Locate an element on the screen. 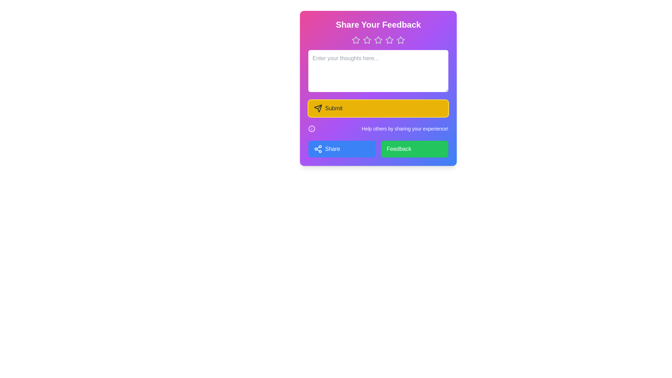 The height and width of the screenshot is (378, 672). the submit button located below the multiline input field is located at coordinates (378, 108).